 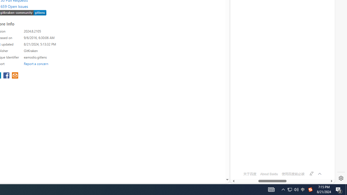 I want to click on 'Report a concern', so click(x=36, y=63).